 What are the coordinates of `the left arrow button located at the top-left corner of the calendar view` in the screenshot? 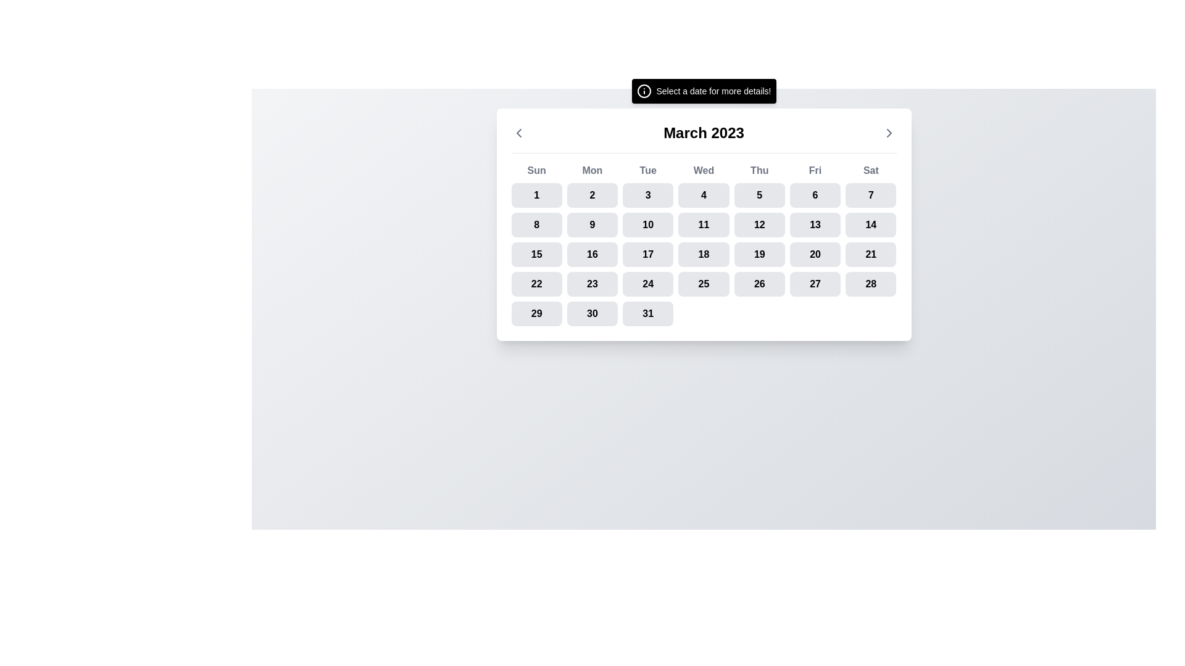 It's located at (518, 133).